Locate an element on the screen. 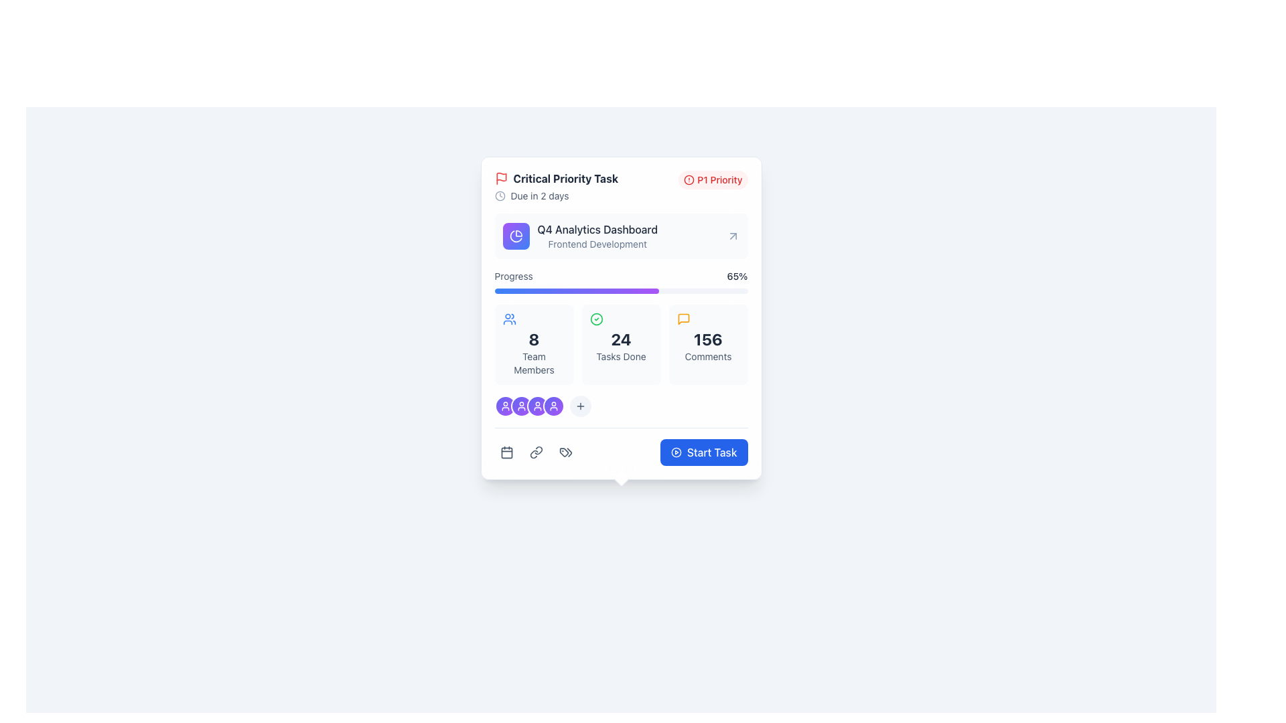 This screenshot has height=723, width=1286. the link icon located at the bottom of the card interface, positioned to the right of the calendar icon and to the left of another icon, to interact and open a related link is located at coordinates (533, 453).